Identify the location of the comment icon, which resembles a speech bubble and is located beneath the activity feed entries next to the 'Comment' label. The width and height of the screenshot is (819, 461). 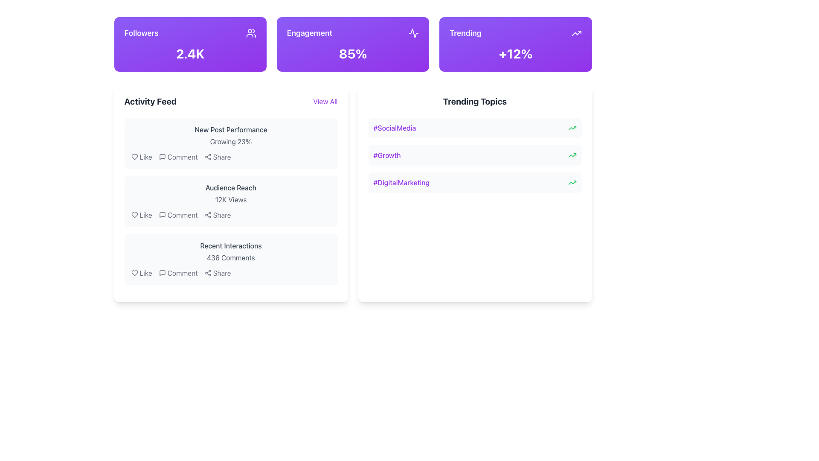
(162, 157).